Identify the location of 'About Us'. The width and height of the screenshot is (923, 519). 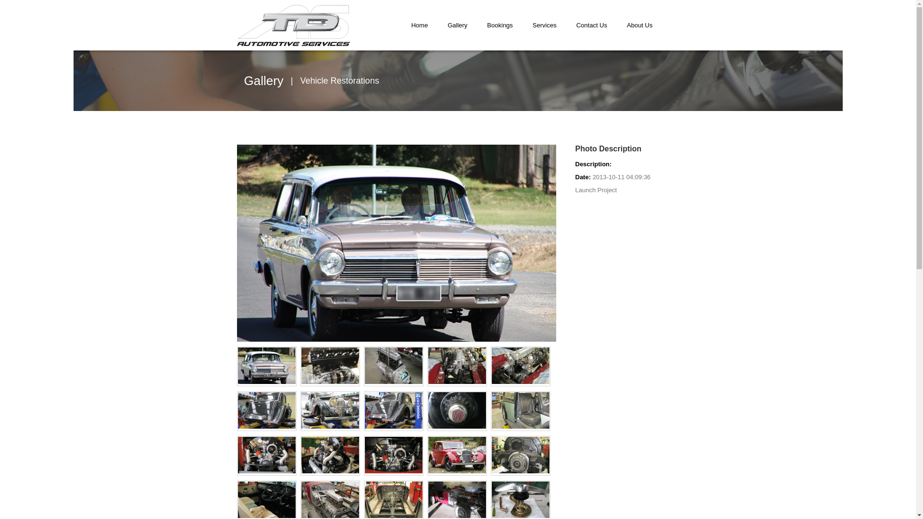
(639, 25).